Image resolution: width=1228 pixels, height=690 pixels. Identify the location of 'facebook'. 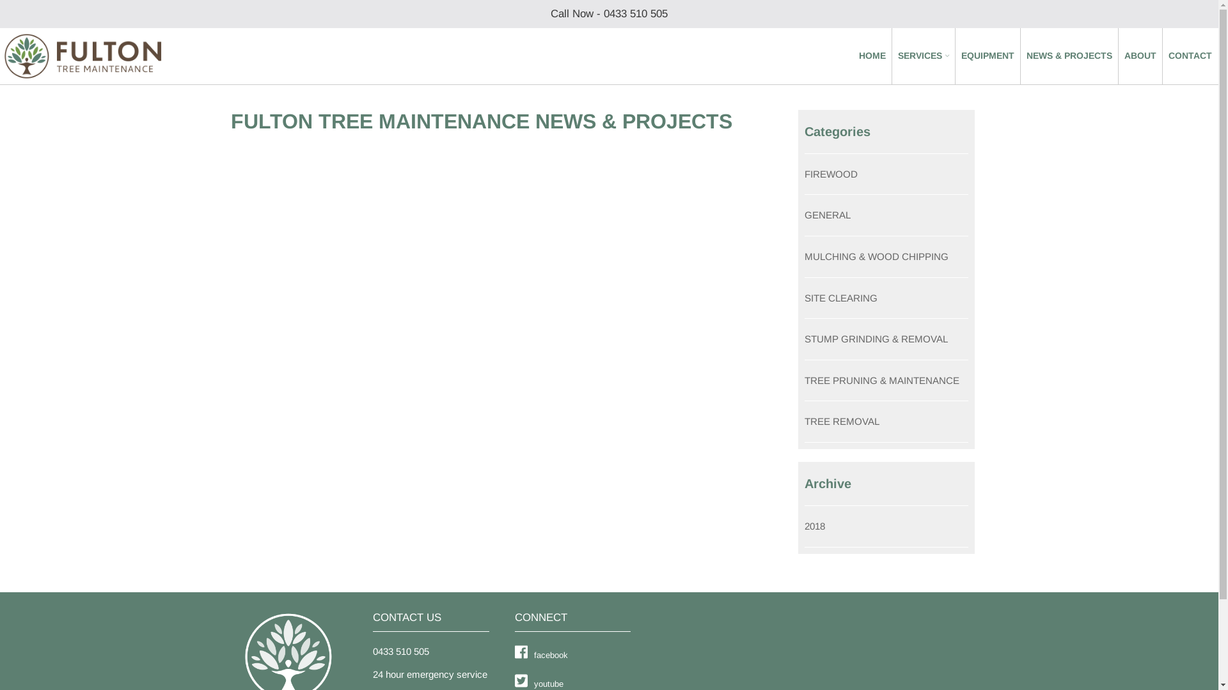
(514, 654).